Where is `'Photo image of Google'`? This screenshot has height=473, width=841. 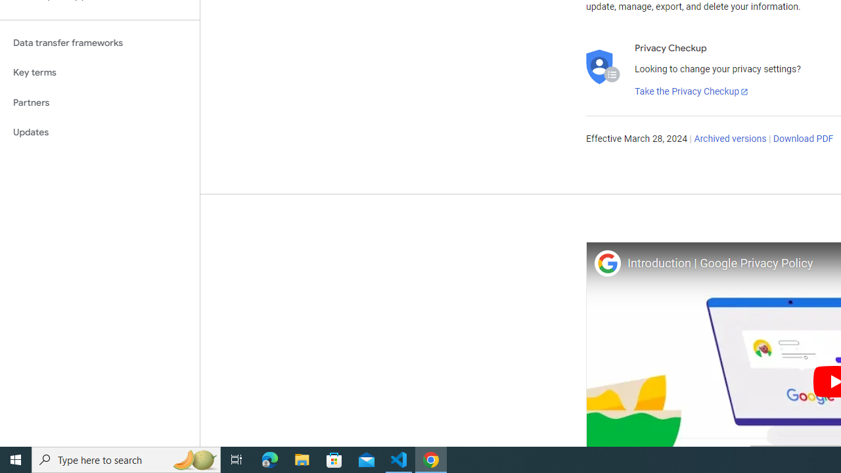
'Photo image of Google' is located at coordinates (606, 263).